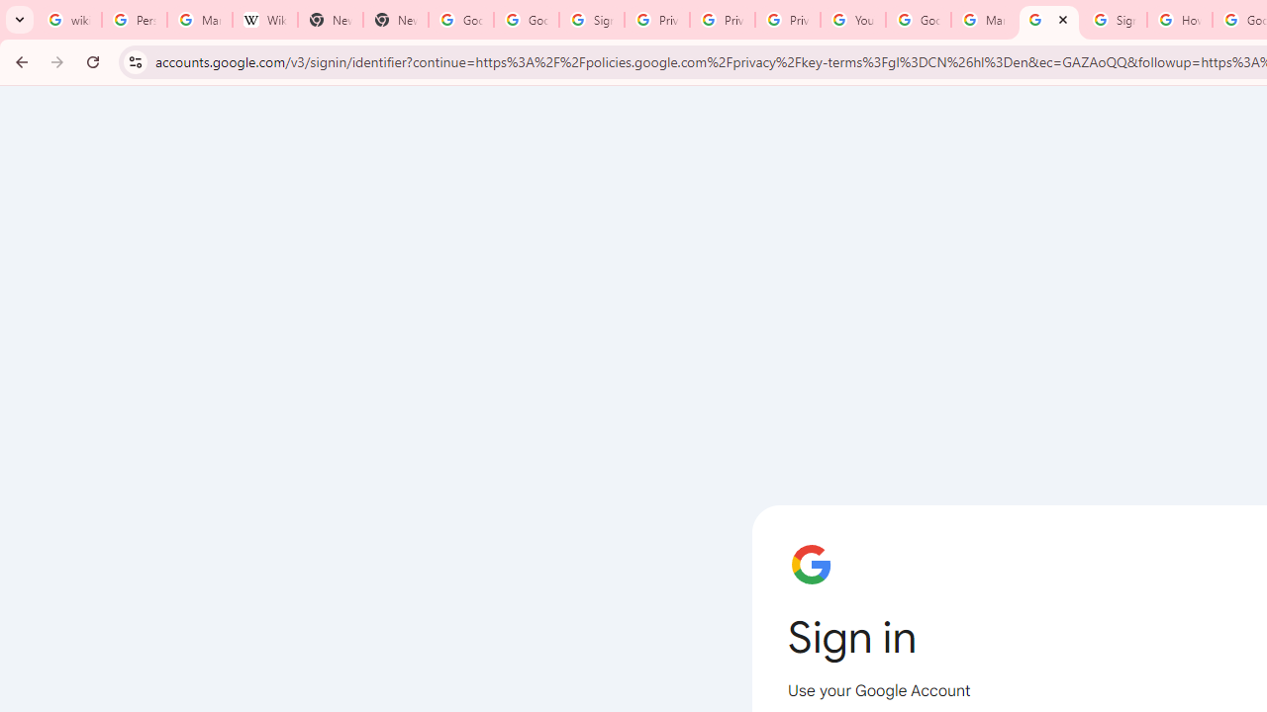 This screenshot has width=1267, height=712. What do you see at coordinates (1114, 20) in the screenshot?
I see `'Sign in - Google Accounts'` at bounding box center [1114, 20].